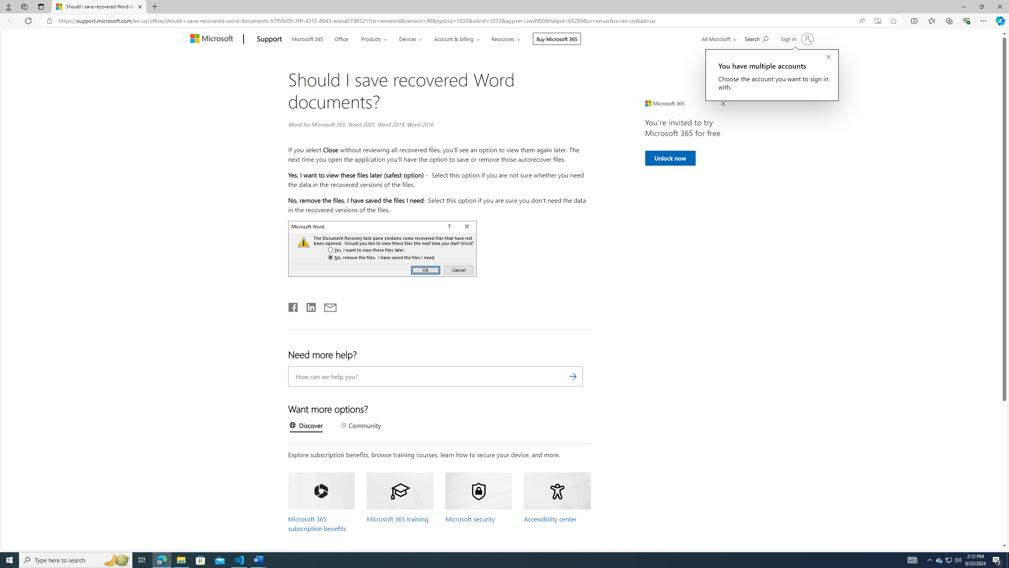  What do you see at coordinates (269, 39) in the screenshot?
I see `'Support'` at bounding box center [269, 39].